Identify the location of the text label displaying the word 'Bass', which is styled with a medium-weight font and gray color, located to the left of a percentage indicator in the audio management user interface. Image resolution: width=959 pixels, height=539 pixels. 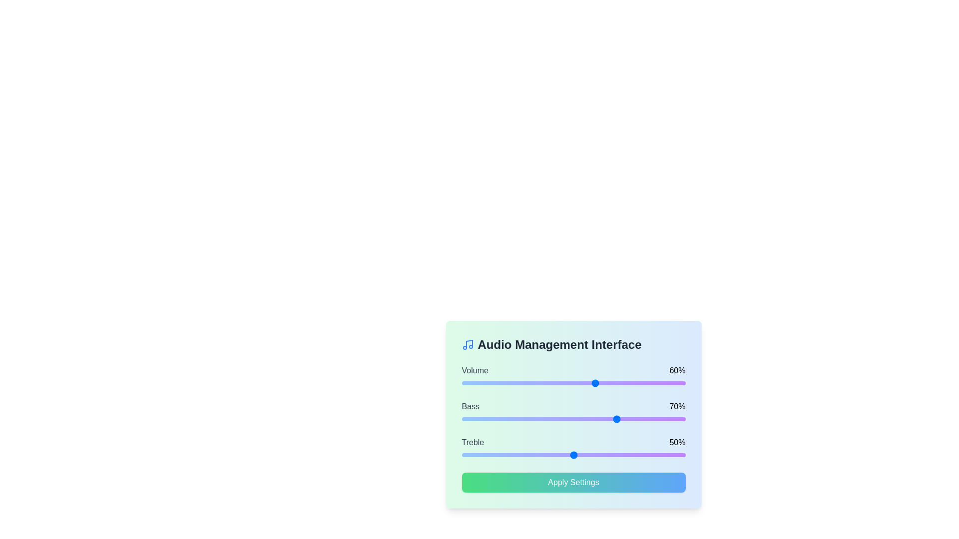
(470, 406).